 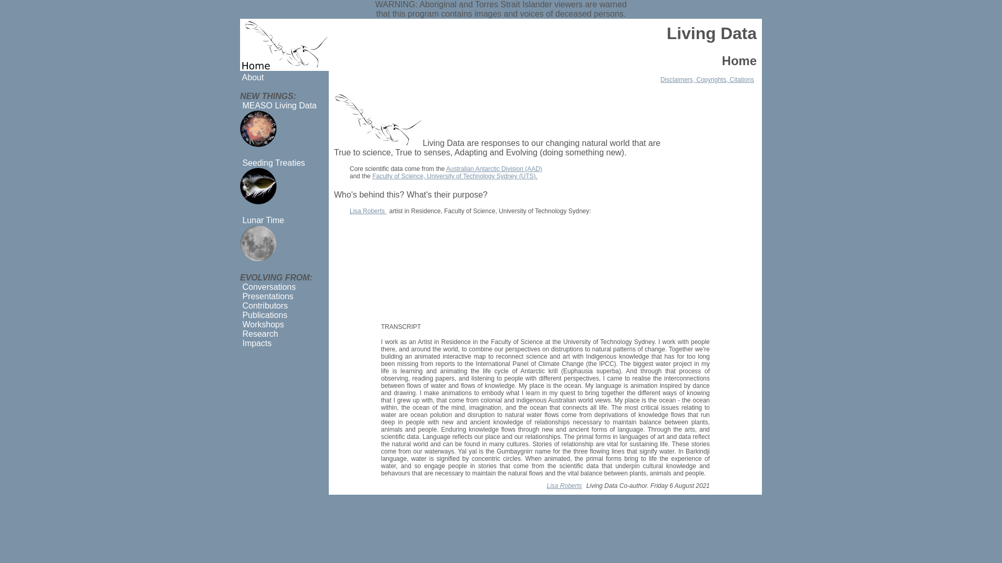 What do you see at coordinates (278, 105) in the screenshot?
I see `' MEASO Living Data'` at bounding box center [278, 105].